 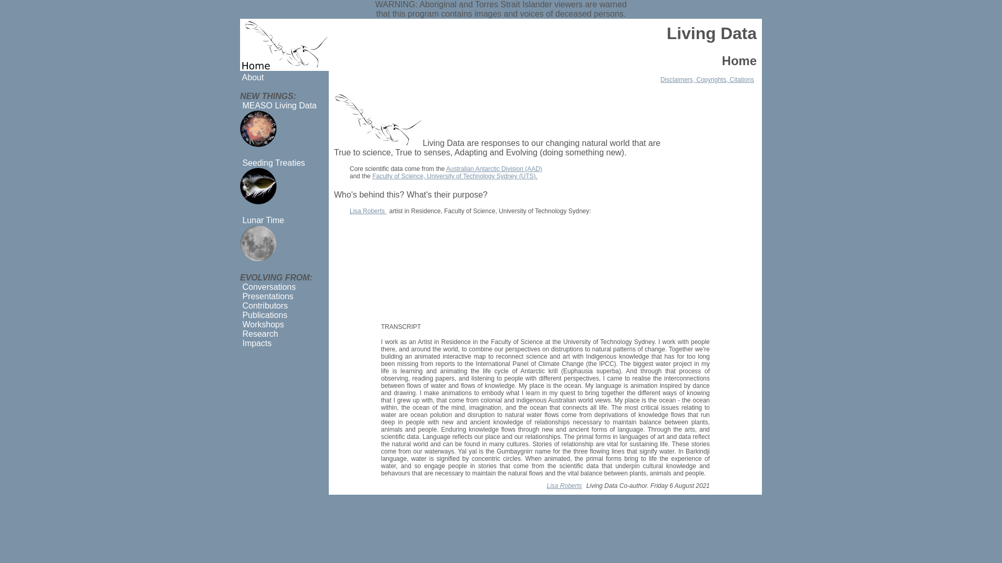 What do you see at coordinates (278, 105) in the screenshot?
I see `' MEASO Living Data'` at bounding box center [278, 105].